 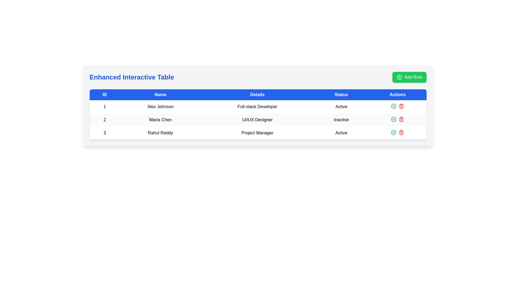 I want to click on the table cell containing the text 'Rahul Reddy' located in the third row under the 'Name' column, which is positioned between the 'ID' column and the 'Details' column, so click(x=160, y=133).